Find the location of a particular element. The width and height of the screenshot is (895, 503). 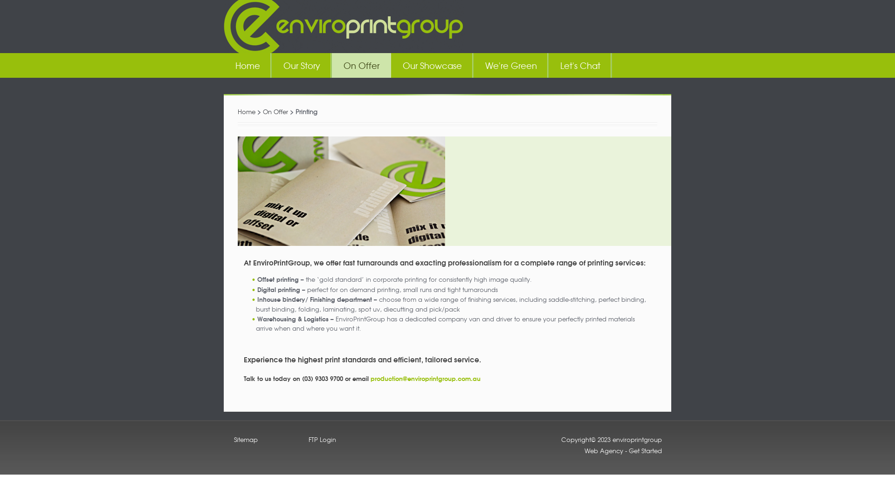

'We're Green' is located at coordinates (510, 65).